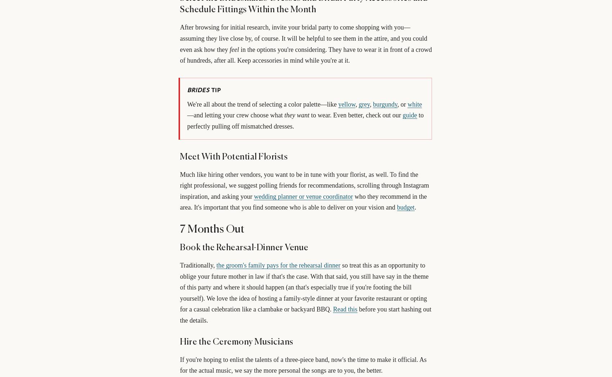  Describe the element at coordinates (346, 103) in the screenshot. I see `'yellow'` at that location.